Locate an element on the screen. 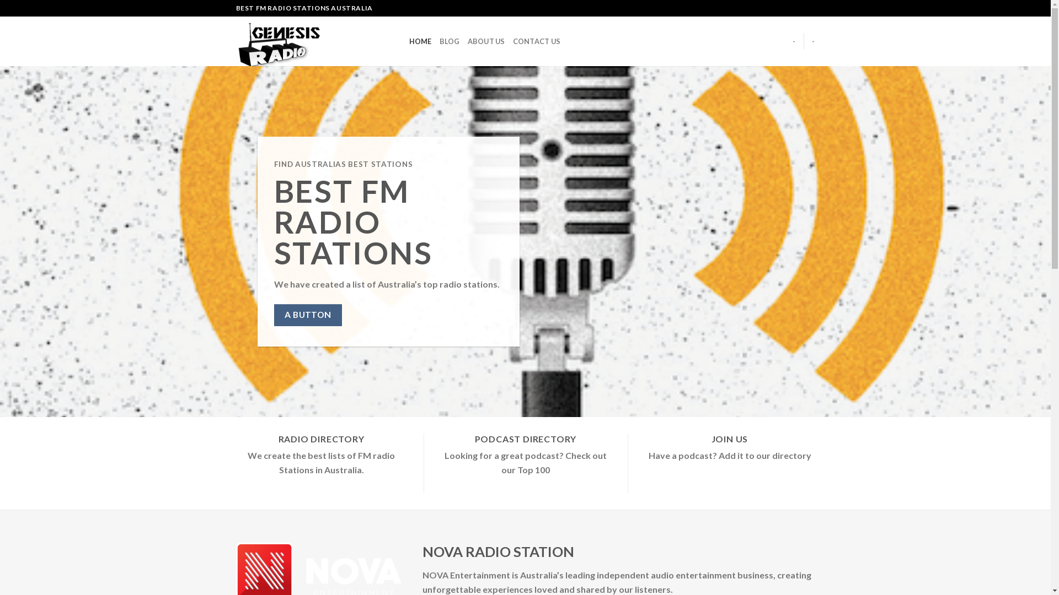 This screenshot has height=595, width=1059. 'CONTACT US' is located at coordinates (537, 40).